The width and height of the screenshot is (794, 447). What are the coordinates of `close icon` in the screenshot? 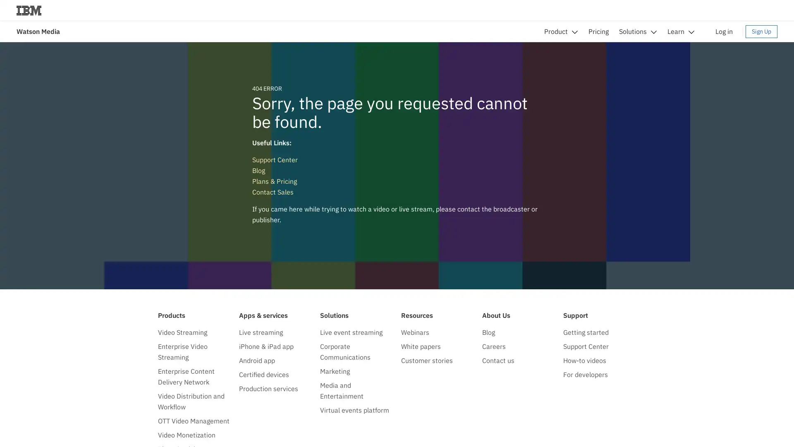 It's located at (787, 373).